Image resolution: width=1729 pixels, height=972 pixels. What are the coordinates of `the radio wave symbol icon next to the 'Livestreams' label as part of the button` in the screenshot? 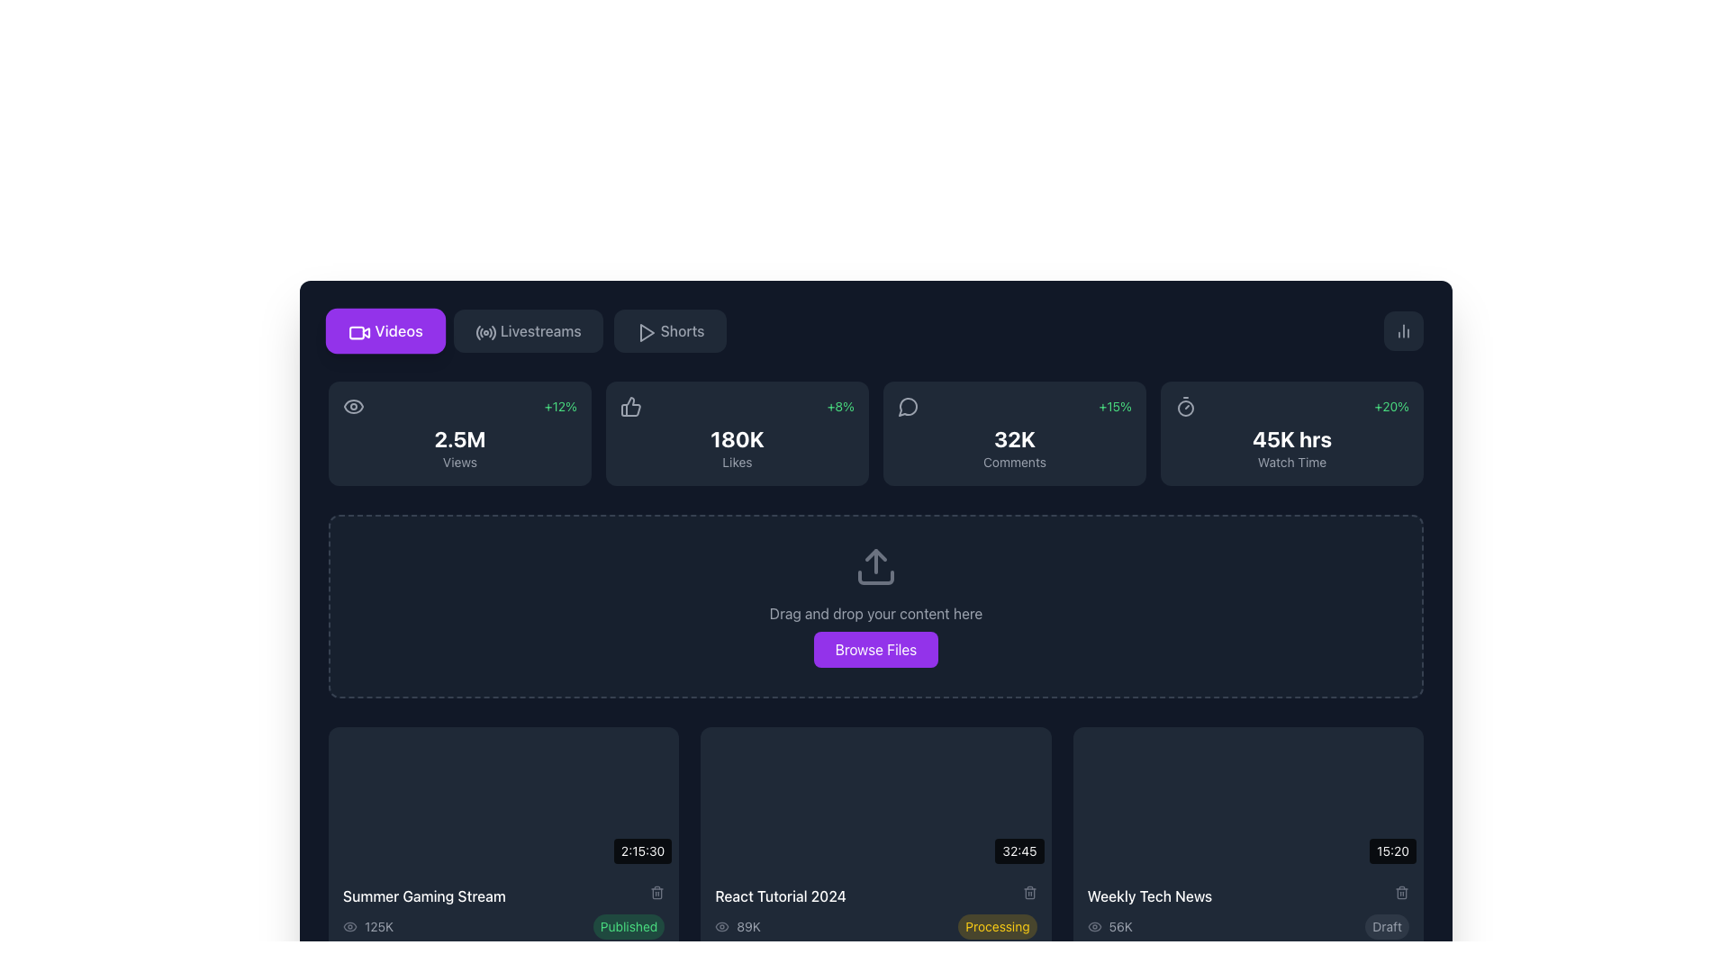 It's located at (484, 330).